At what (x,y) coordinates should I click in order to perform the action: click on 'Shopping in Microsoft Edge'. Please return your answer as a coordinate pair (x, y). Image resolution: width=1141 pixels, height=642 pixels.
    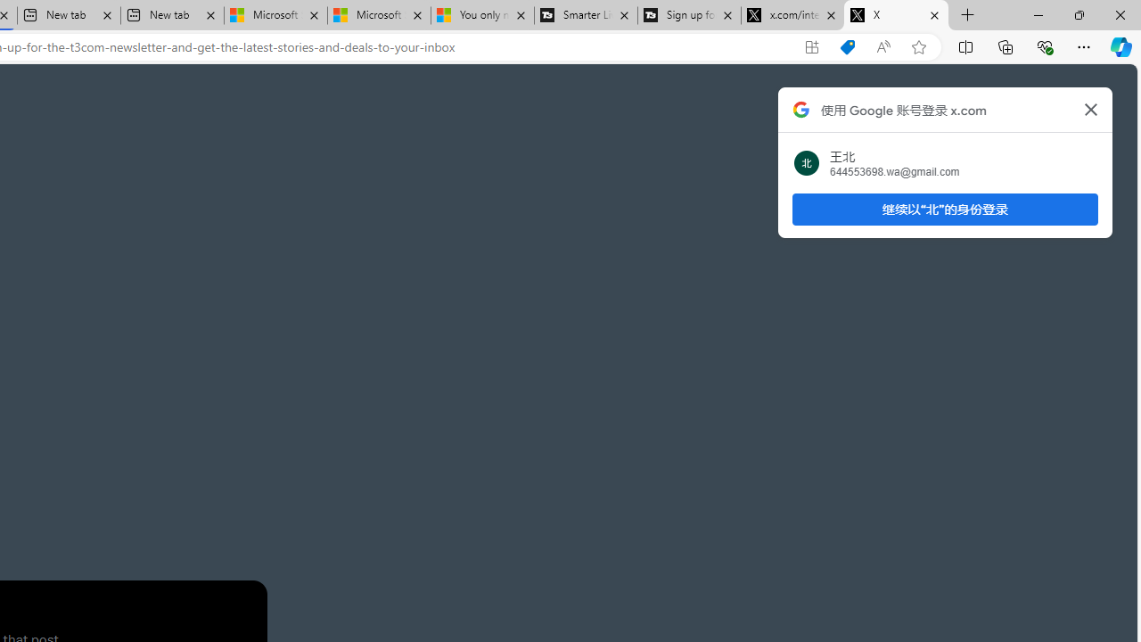
    Looking at the image, I should click on (847, 46).